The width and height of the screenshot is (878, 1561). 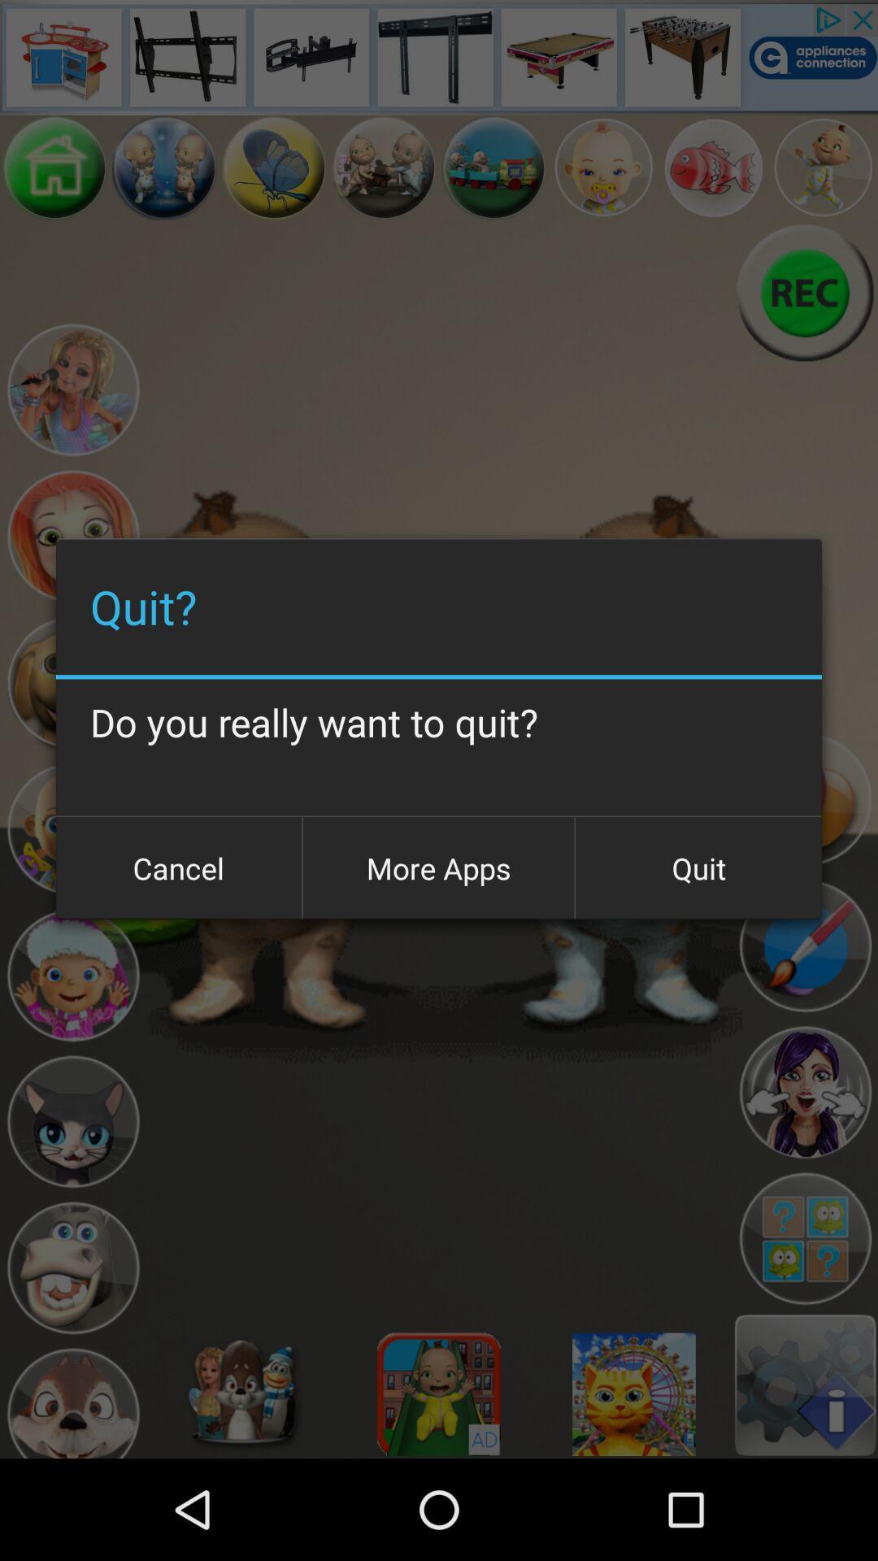 What do you see at coordinates (54, 179) in the screenshot?
I see `the home icon` at bounding box center [54, 179].